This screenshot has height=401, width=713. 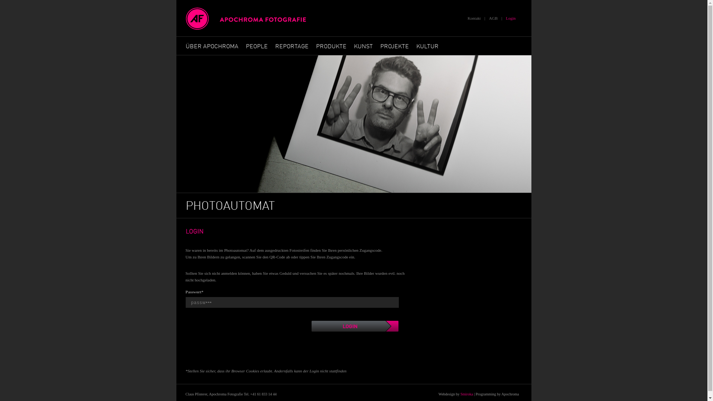 I want to click on 'Kontakt', so click(x=473, y=18).